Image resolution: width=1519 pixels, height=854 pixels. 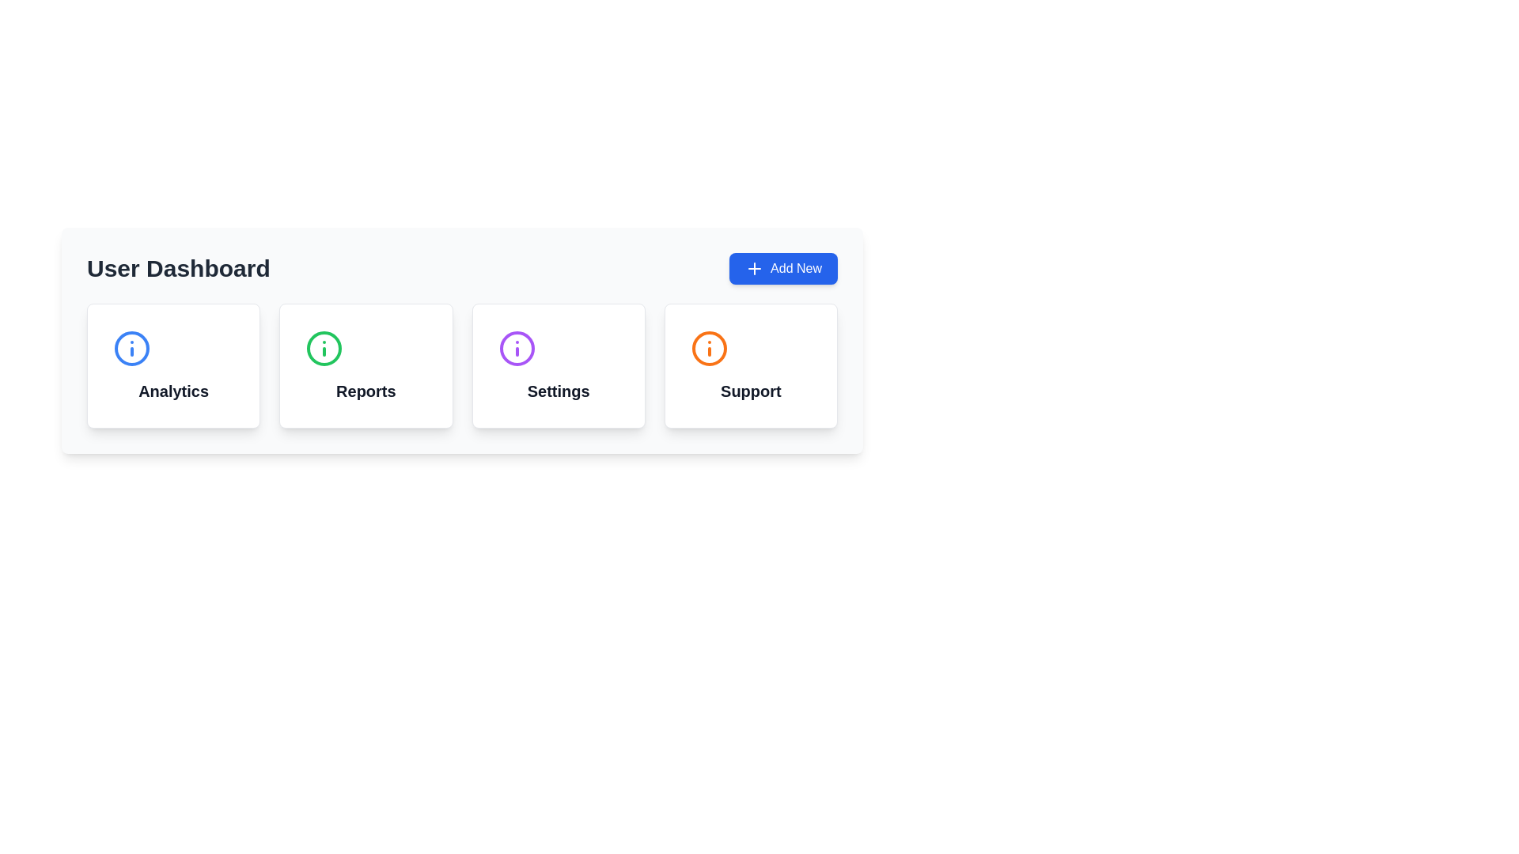 I want to click on the 'Support' text label, which is bold and prominently displayed in dark gray, located in the fourth box of a grid layout under an orange circular icon with an 'i', so click(x=750, y=391).